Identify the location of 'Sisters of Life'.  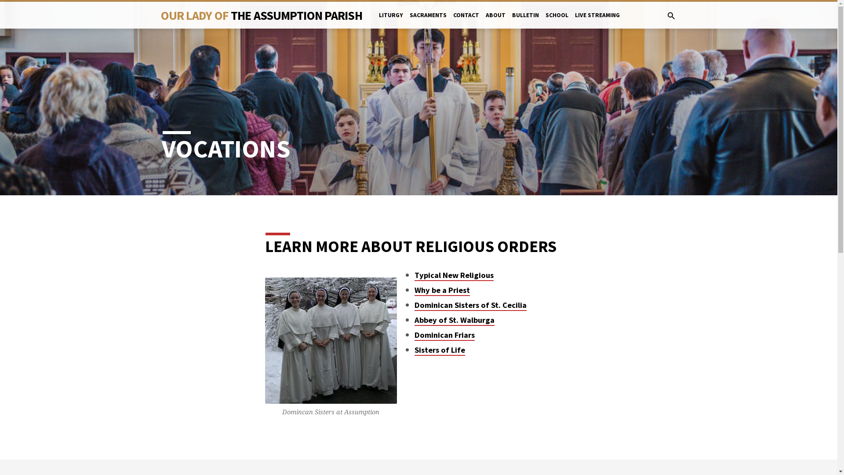
(440, 350).